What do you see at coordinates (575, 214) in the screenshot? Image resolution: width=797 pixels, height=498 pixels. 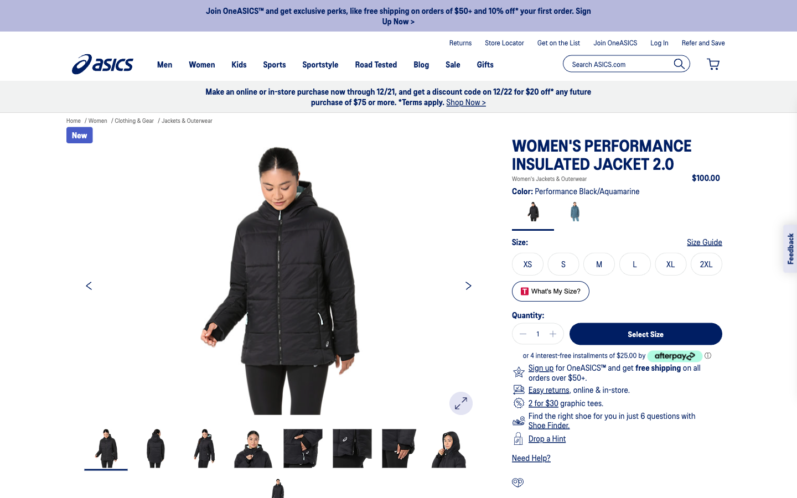 I see `see aquamarine color and select size M and see next pictures` at bounding box center [575, 214].